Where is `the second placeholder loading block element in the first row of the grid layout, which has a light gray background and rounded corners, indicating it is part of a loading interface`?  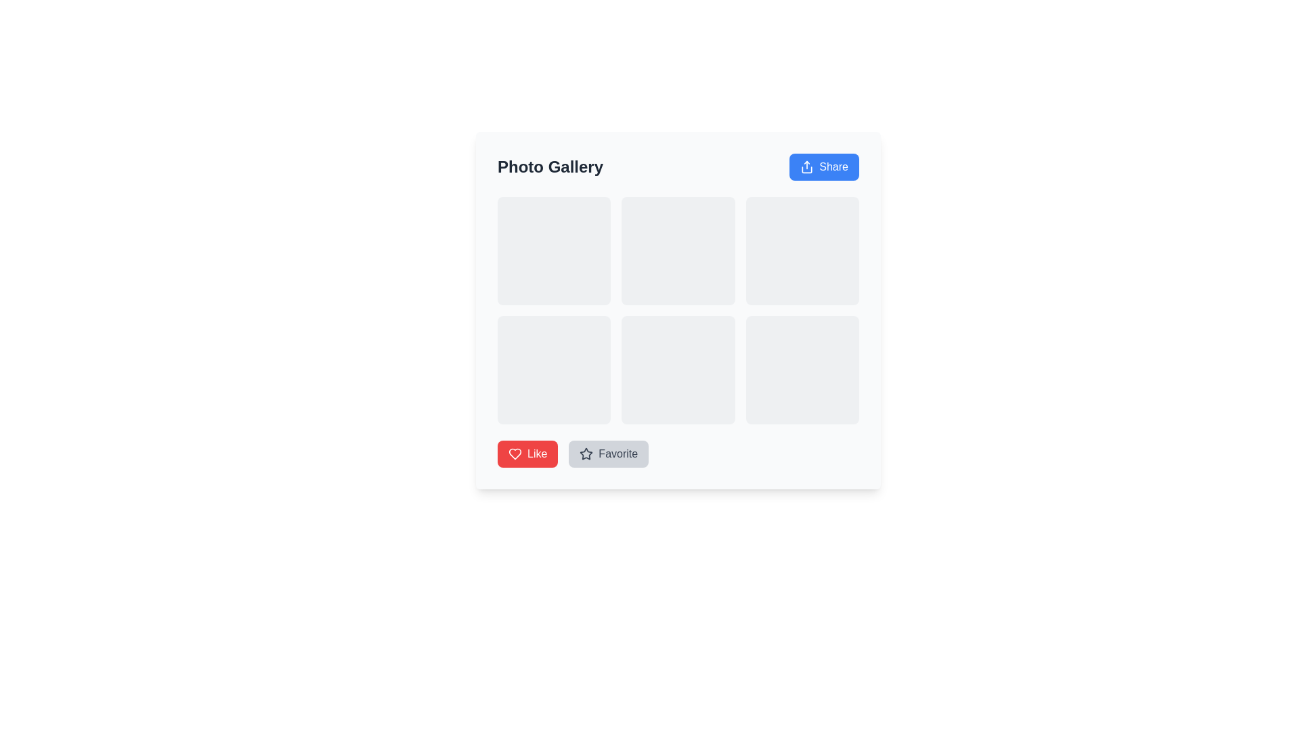 the second placeholder loading block element in the first row of the grid layout, which has a light gray background and rounded corners, indicating it is part of a loading interface is located at coordinates (678, 250).